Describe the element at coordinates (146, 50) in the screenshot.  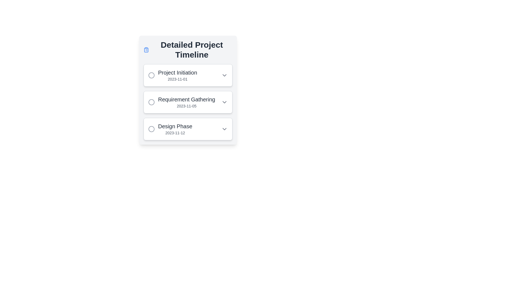
I see `the decorative icon representing tasks or projects in the 'Project Timeline' context, located to the left of the text 'Detailed Project Timeline'` at that location.